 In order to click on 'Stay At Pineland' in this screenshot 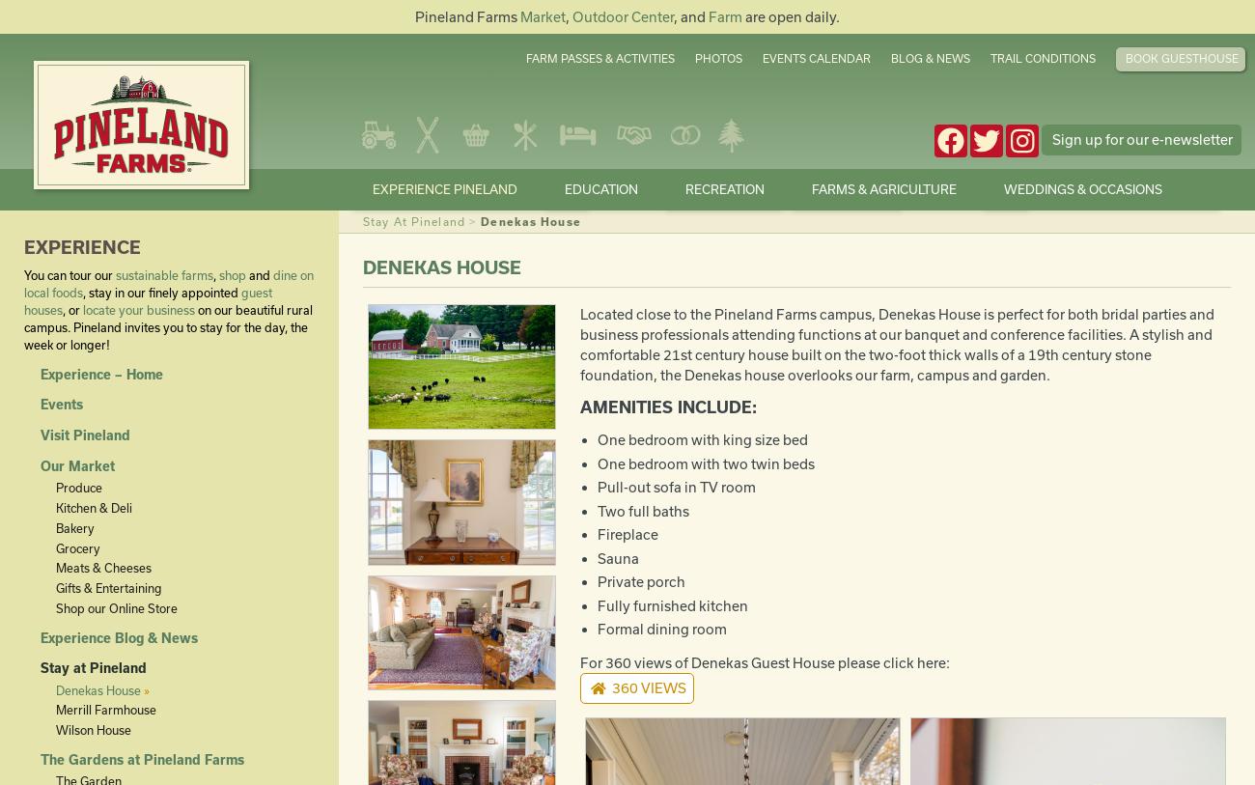, I will do `click(413, 220)`.